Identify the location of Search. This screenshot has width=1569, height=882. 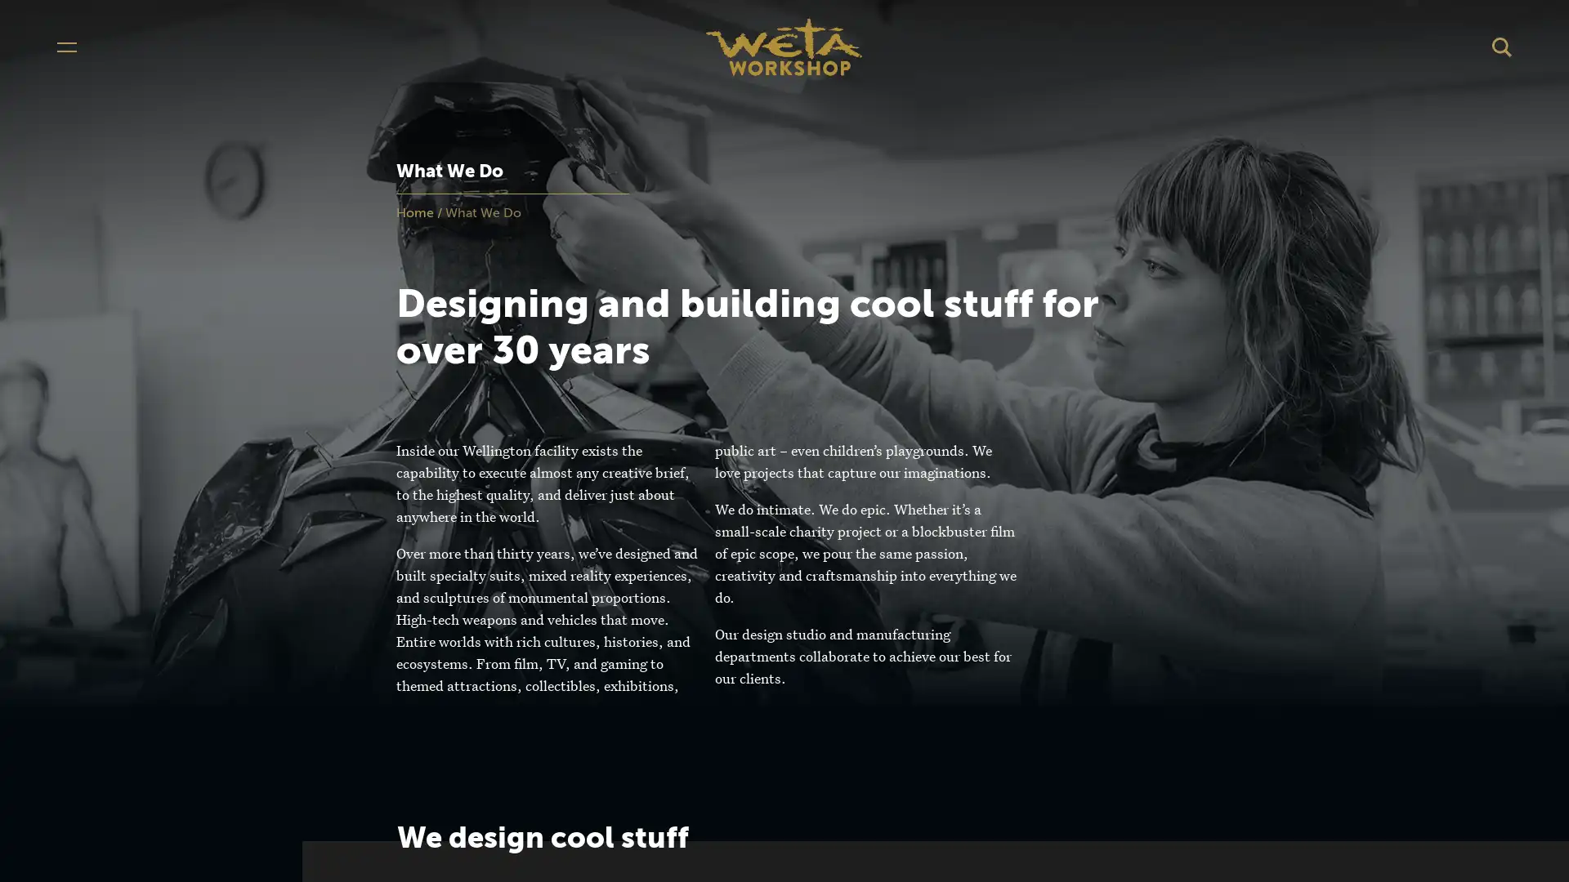
(1502, 46).